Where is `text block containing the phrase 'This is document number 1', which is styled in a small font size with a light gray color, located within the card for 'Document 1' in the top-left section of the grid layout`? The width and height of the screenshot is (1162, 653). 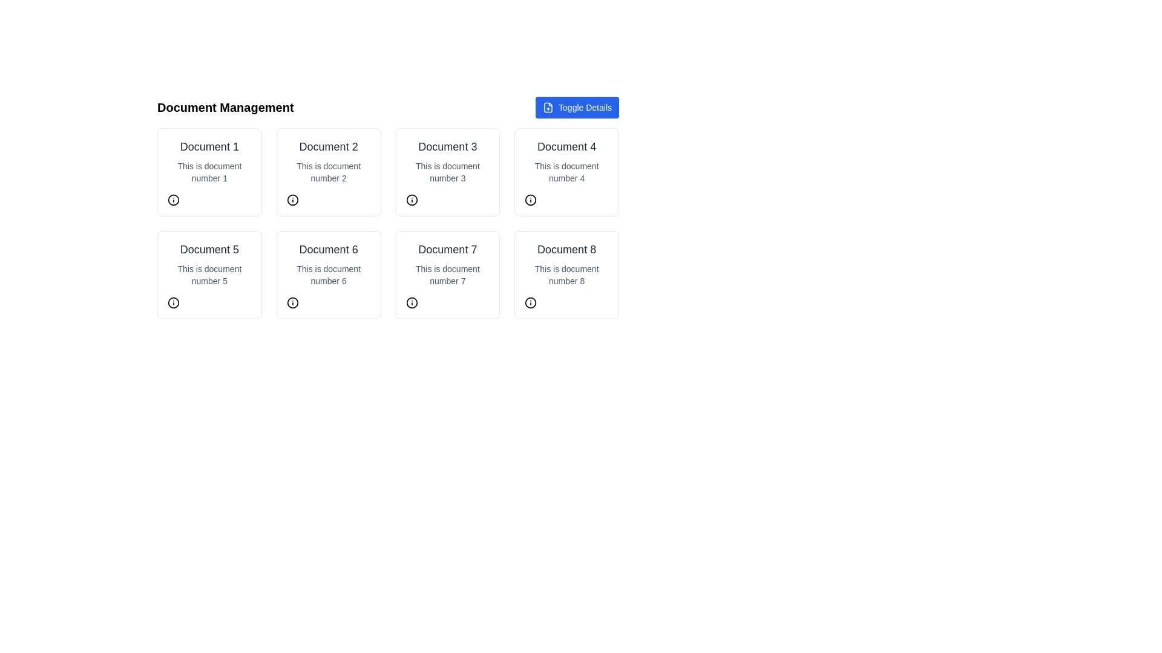
text block containing the phrase 'This is document number 1', which is styled in a small font size with a light gray color, located within the card for 'Document 1' in the top-left section of the grid layout is located at coordinates (209, 172).